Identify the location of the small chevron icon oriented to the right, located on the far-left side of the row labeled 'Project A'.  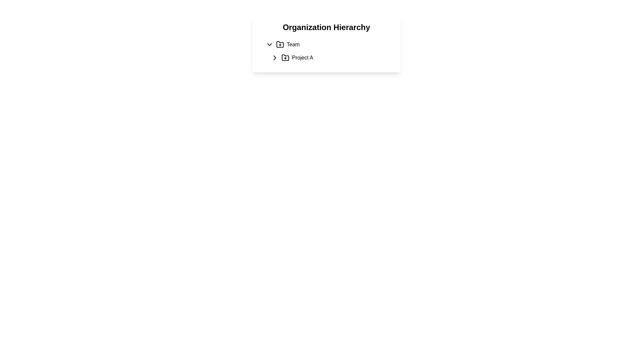
(275, 57).